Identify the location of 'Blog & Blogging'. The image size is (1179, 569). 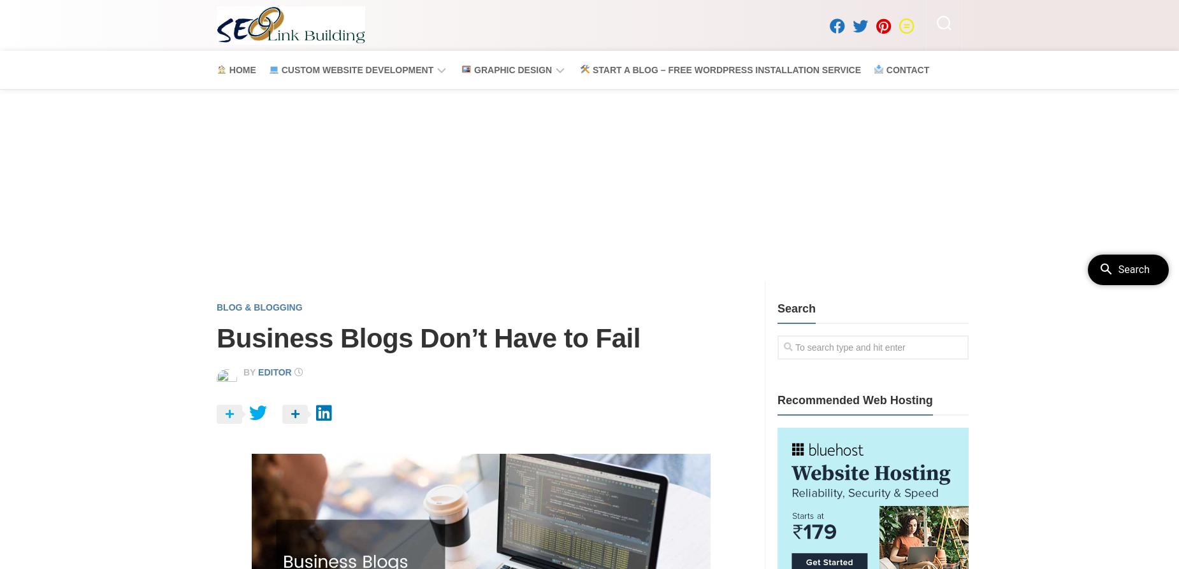
(216, 306).